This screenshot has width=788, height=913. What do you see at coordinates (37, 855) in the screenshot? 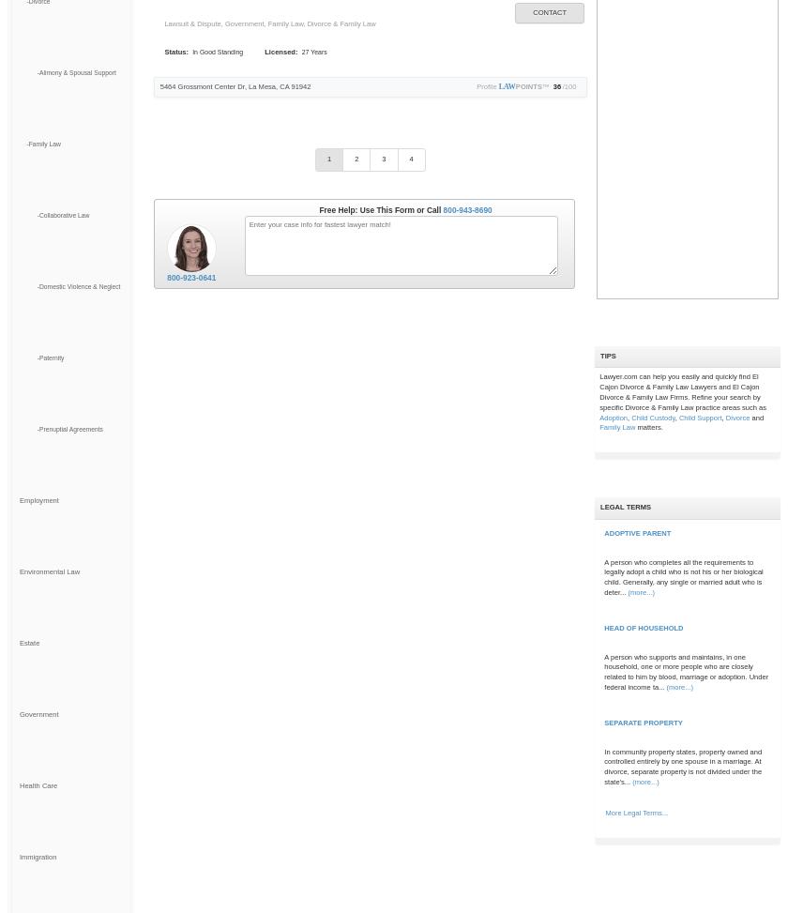
I see `'Immigration'` at bounding box center [37, 855].